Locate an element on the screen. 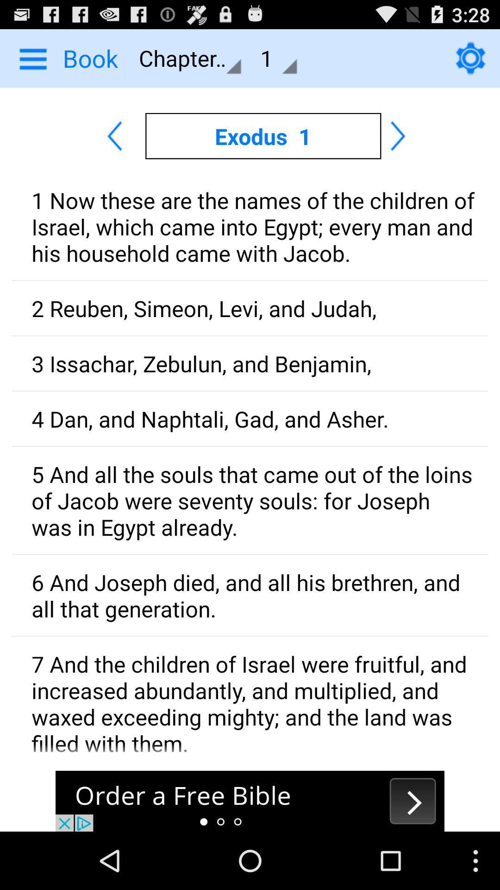 The image size is (500, 890). settings option is located at coordinates (470, 57).